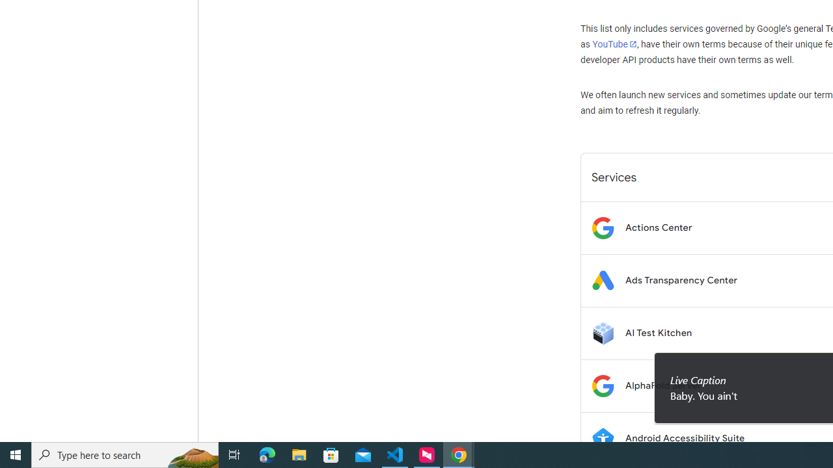 The image size is (833, 468). I want to click on 'Logo for AlphaFold Server', so click(602, 385).